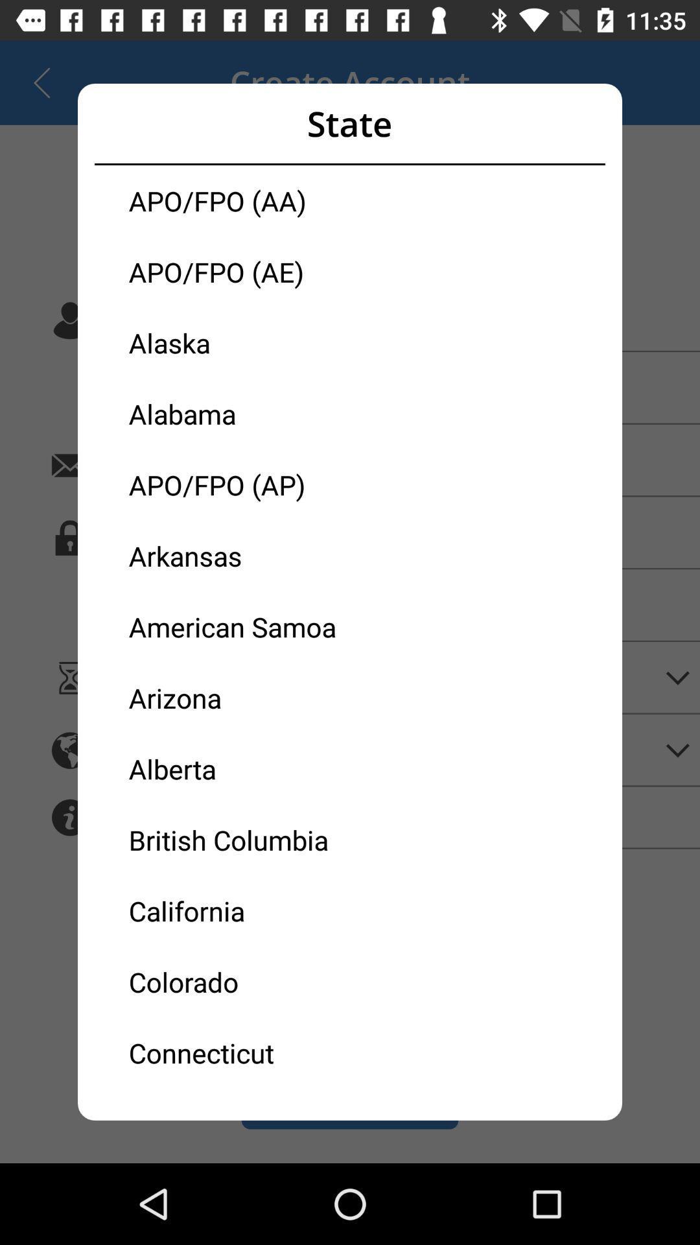 Image resolution: width=700 pixels, height=1245 pixels. I want to click on the connecticut, so click(239, 1052).